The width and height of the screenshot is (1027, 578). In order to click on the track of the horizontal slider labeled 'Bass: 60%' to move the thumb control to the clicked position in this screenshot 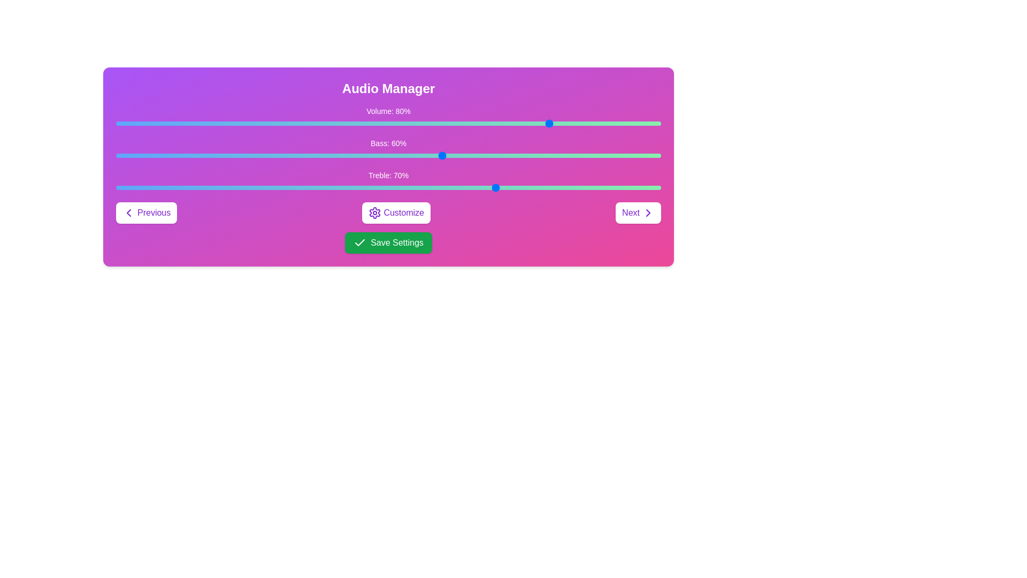, I will do `click(388, 155)`.